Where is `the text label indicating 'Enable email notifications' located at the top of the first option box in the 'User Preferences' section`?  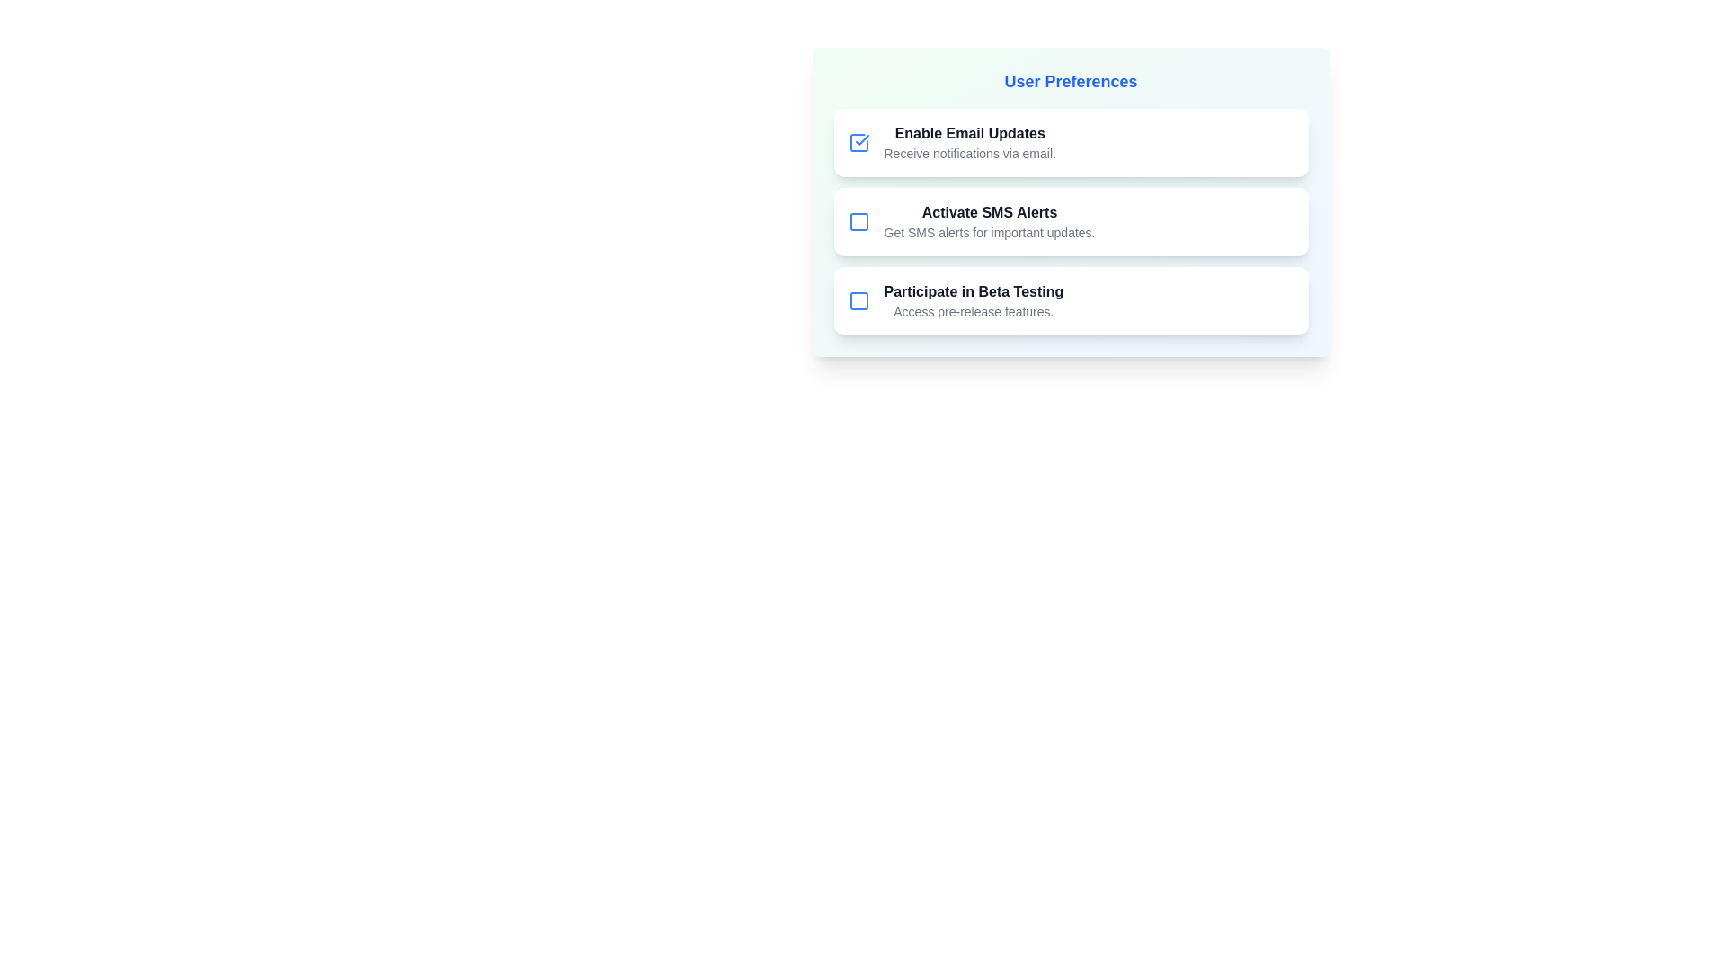 the text label indicating 'Enable email notifications' located at the top of the first option box in the 'User Preferences' section is located at coordinates (969, 133).